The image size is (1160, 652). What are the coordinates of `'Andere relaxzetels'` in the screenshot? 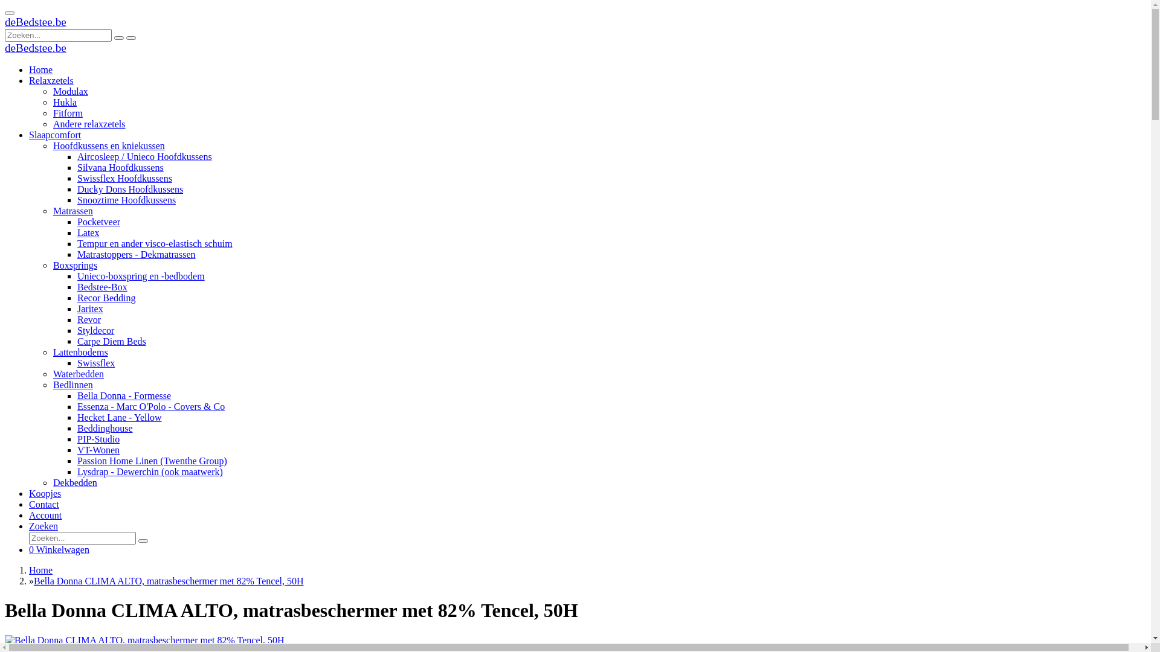 It's located at (88, 124).